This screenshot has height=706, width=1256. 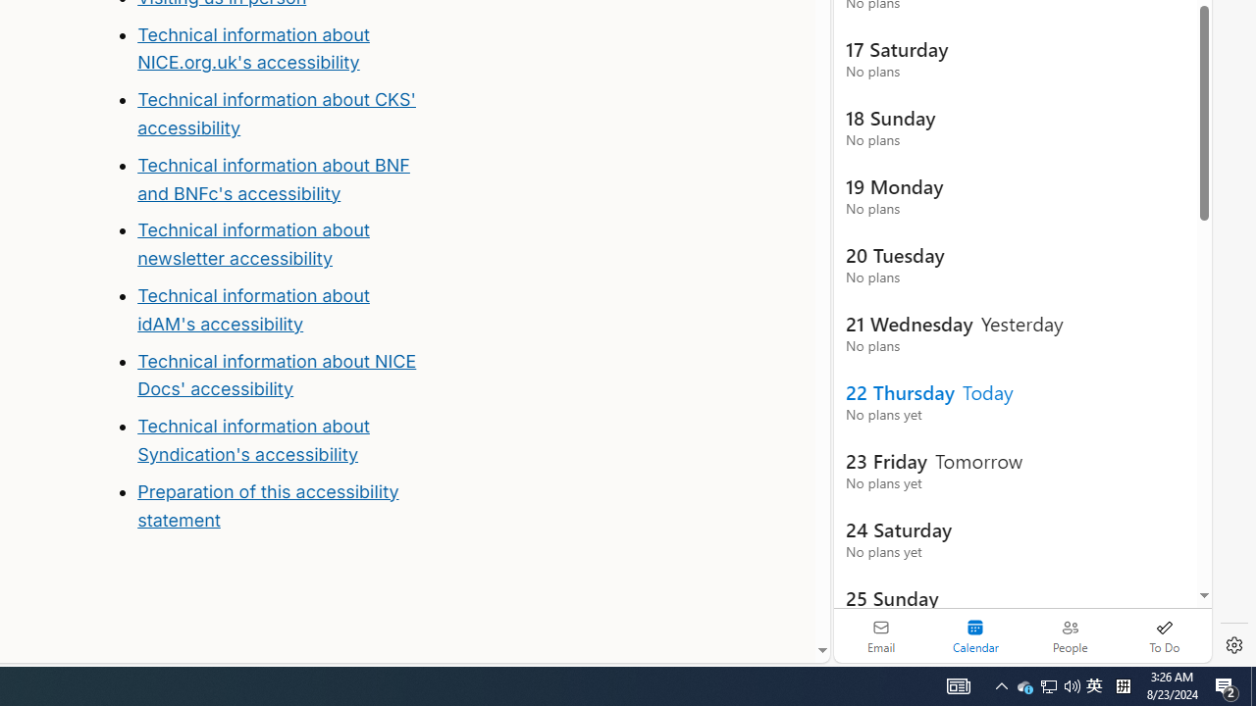 What do you see at coordinates (1069, 635) in the screenshot?
I see `'People'` at bounding box center [1069, 635].